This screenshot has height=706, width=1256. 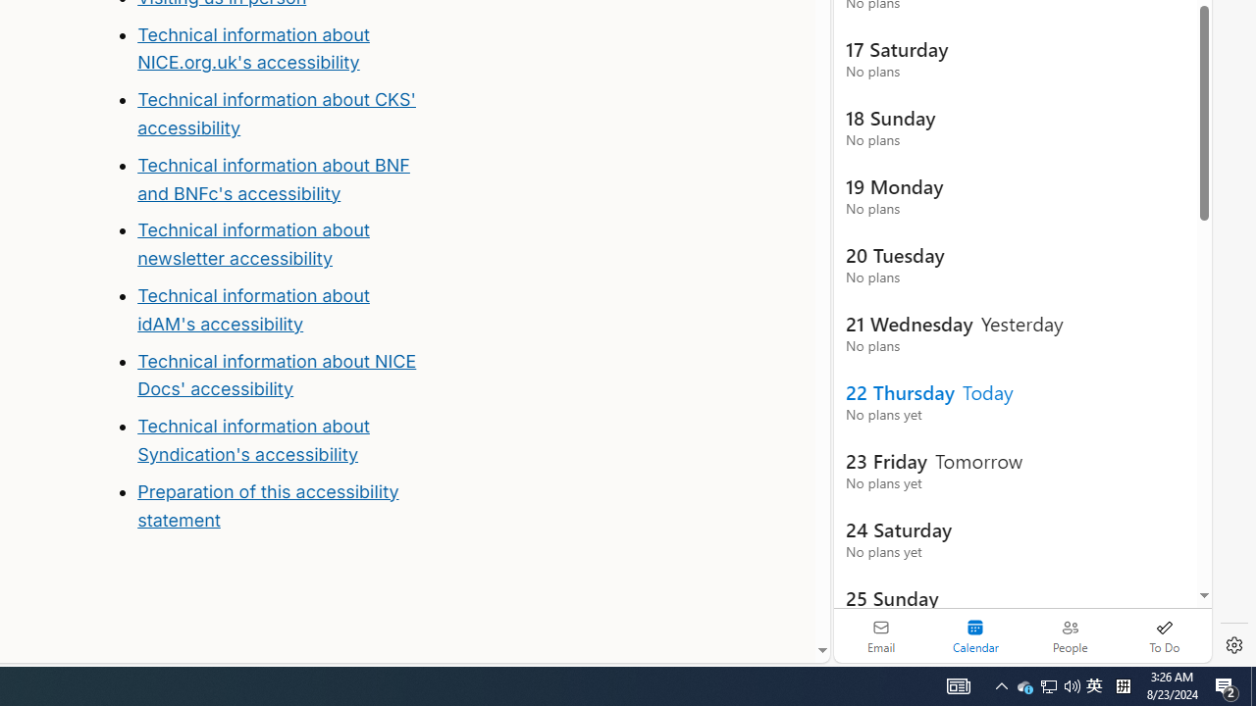 What do you see at coordinates (1069, 635) in the screenshot?
I see `'People'` at bounding box center [1069, 635].